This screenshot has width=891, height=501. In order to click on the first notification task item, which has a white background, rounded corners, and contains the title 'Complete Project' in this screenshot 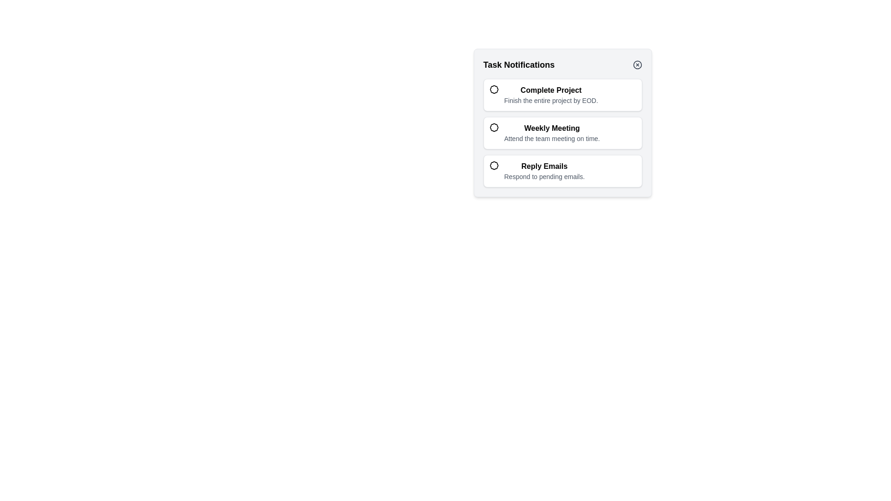, I will do `click(562, 95)`.